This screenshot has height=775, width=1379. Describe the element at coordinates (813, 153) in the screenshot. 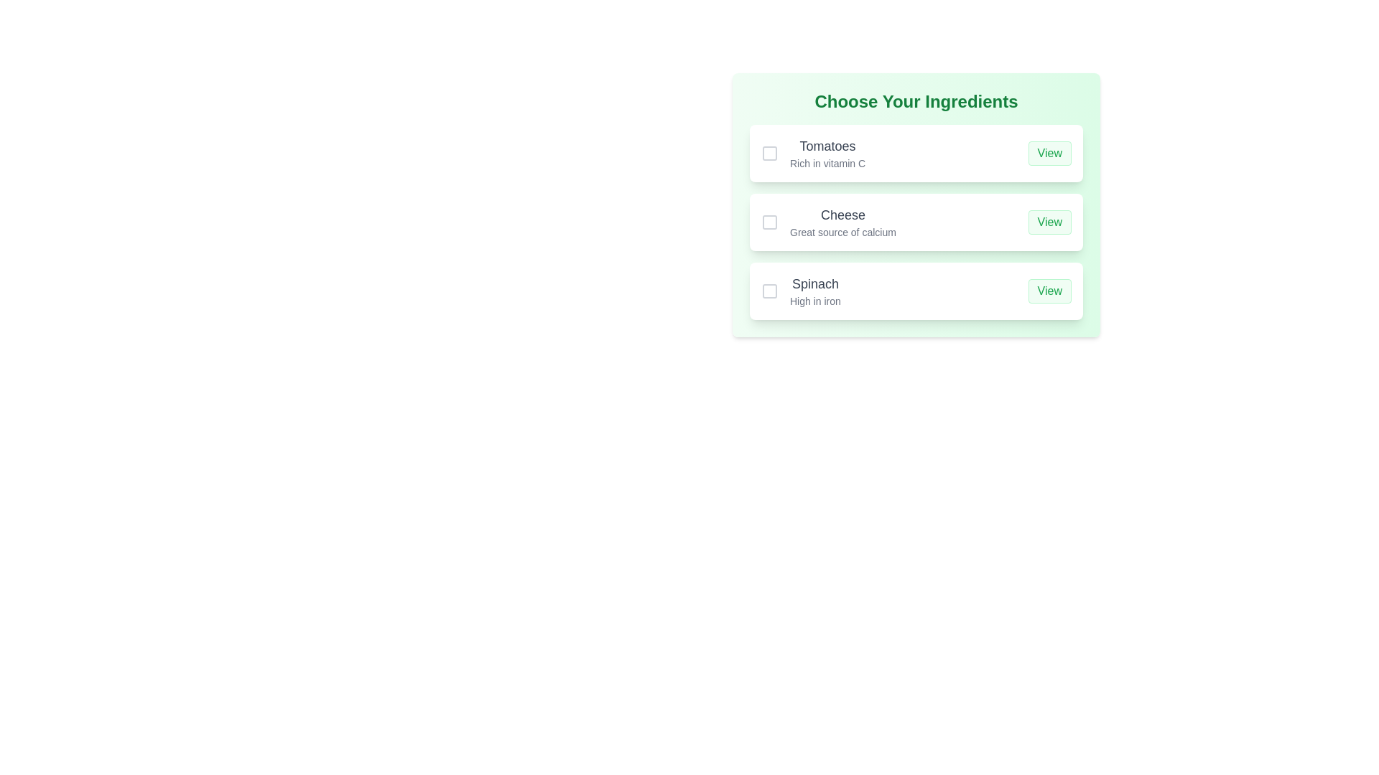

I see `the text block displaying 'Tomatoes' and 'Rich in vitamin C', which is located left-aligned in the item row under 'Choose Your Ingredients', between a checkbox and a 'View' button` at that location.